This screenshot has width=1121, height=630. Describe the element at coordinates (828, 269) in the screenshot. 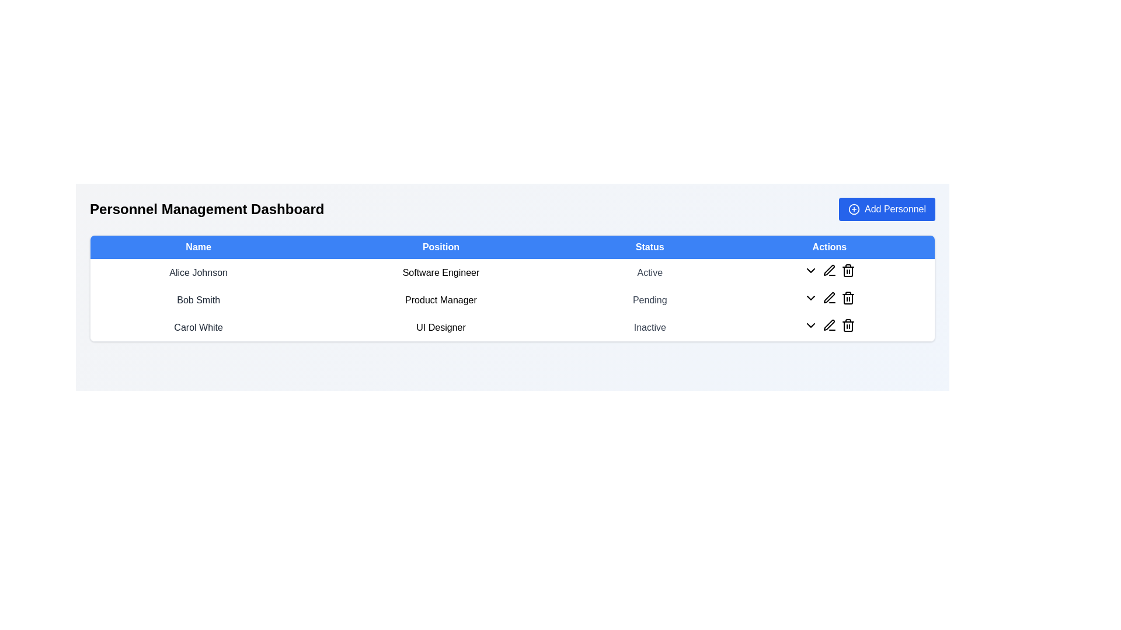

I see `the graphical pen icon located in the rightmost column under the 'Actions' header in the same row as 'Bob Smith' to initiate the edit action` at that location.